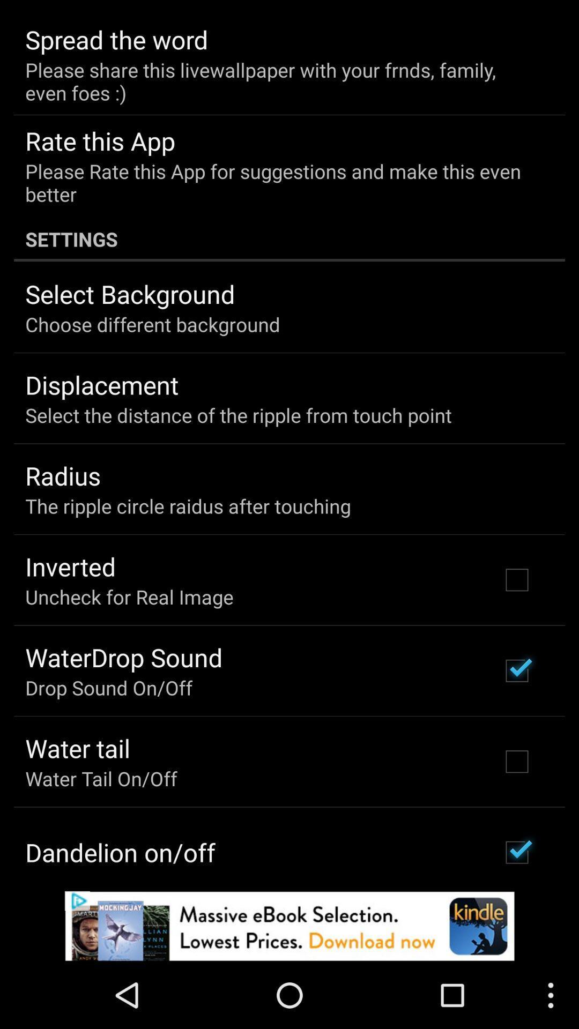 The image size is (579, 1029). Describe the element at coordinates (289, 926) in the screenshot. I see `pop up advertisement` at that location.